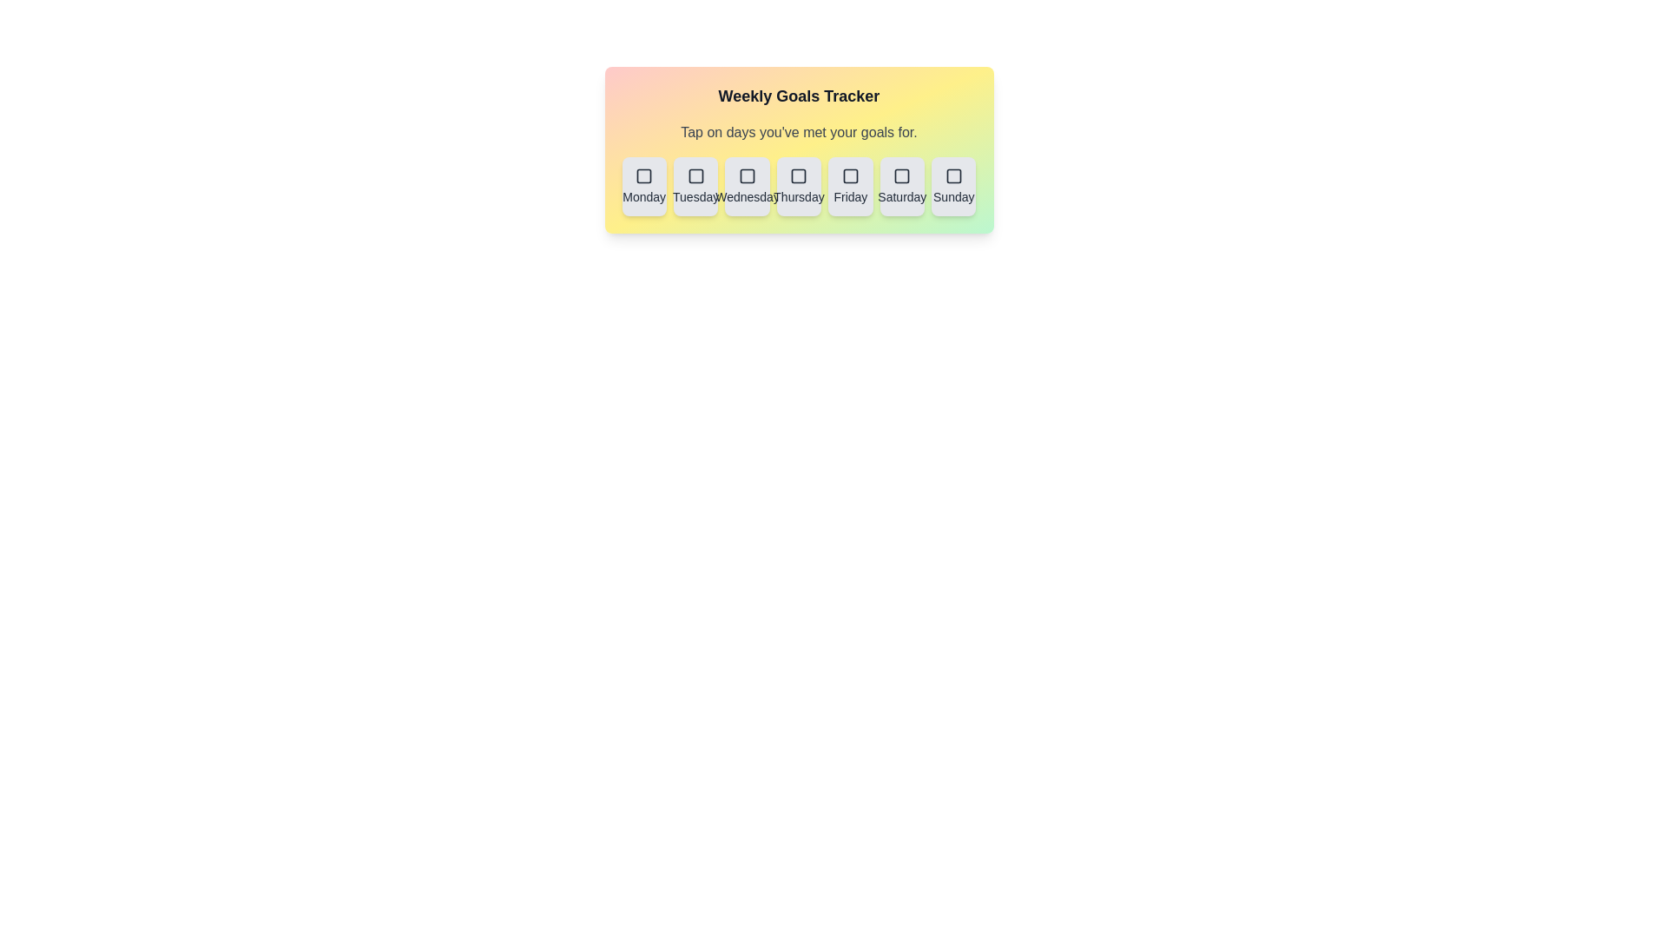 Image resolution: width=1667 pixels, height=938 pixels. Describe the element at coordinates (643, 187) in the screenshot. I see `the button labeled Monday` at that location.